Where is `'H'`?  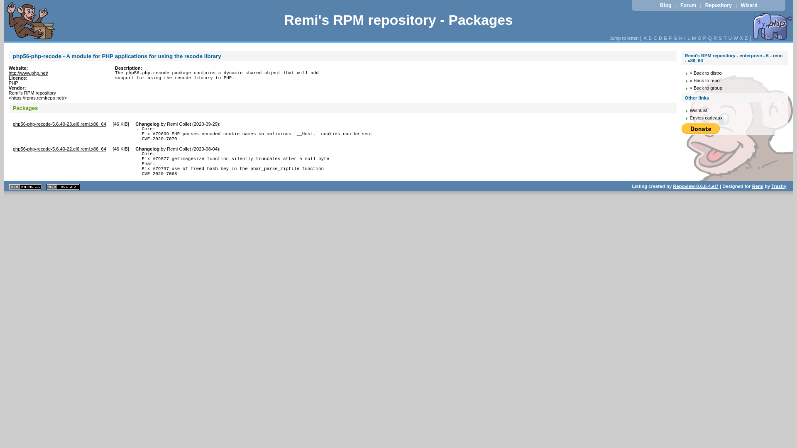
'H' is located at coordinates (681, 38).